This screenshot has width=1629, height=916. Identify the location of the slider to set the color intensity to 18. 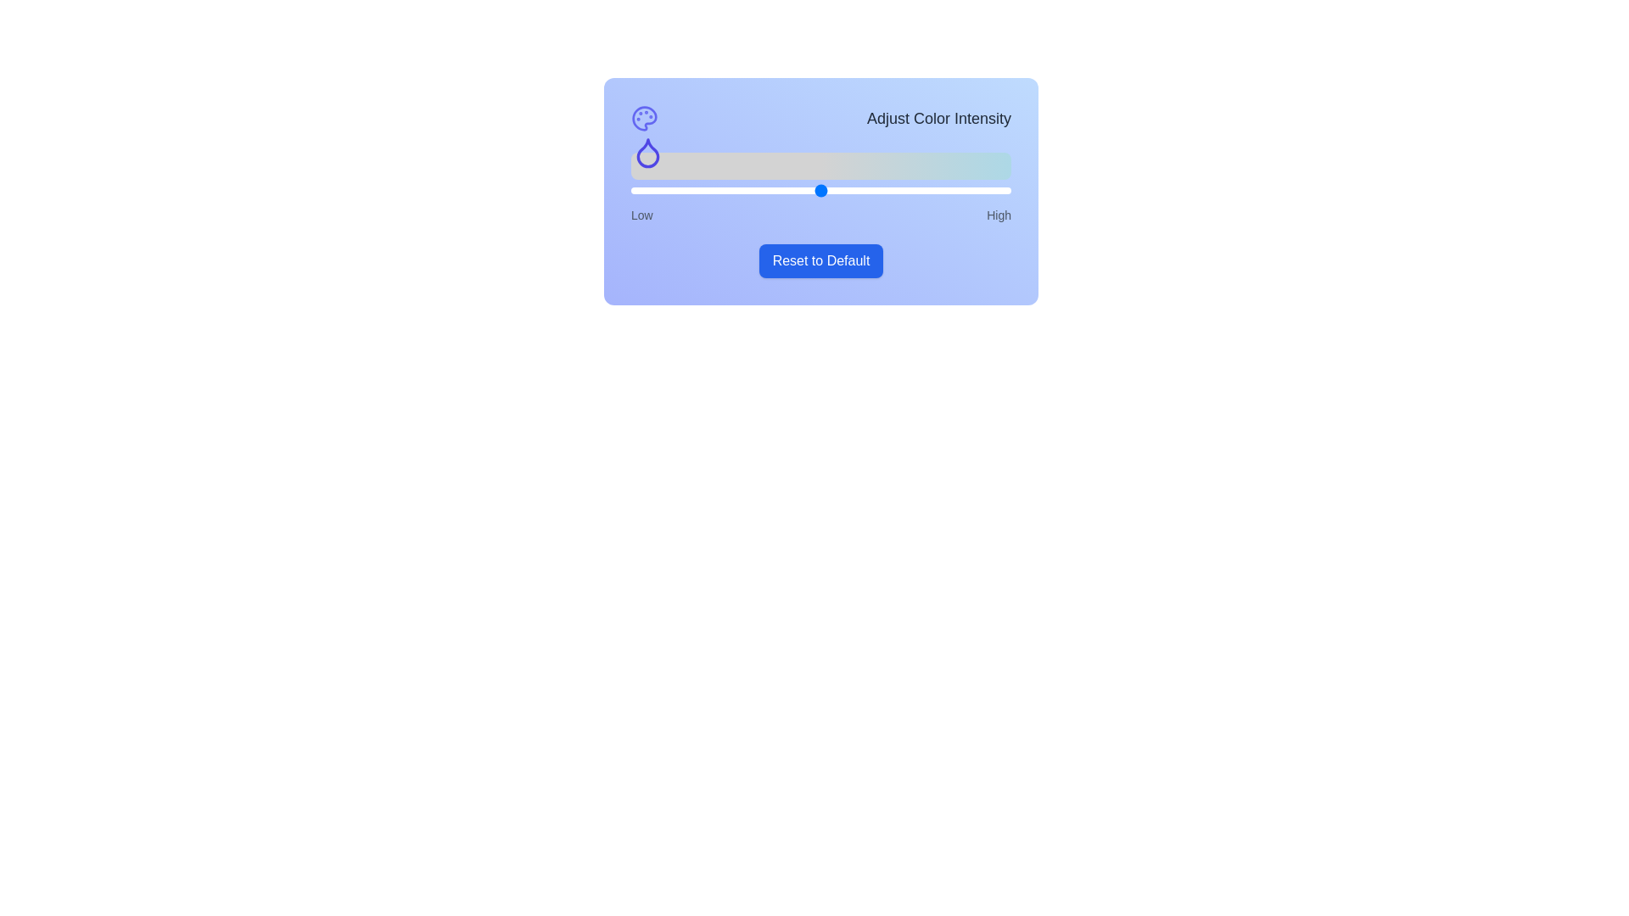
(699, 190).